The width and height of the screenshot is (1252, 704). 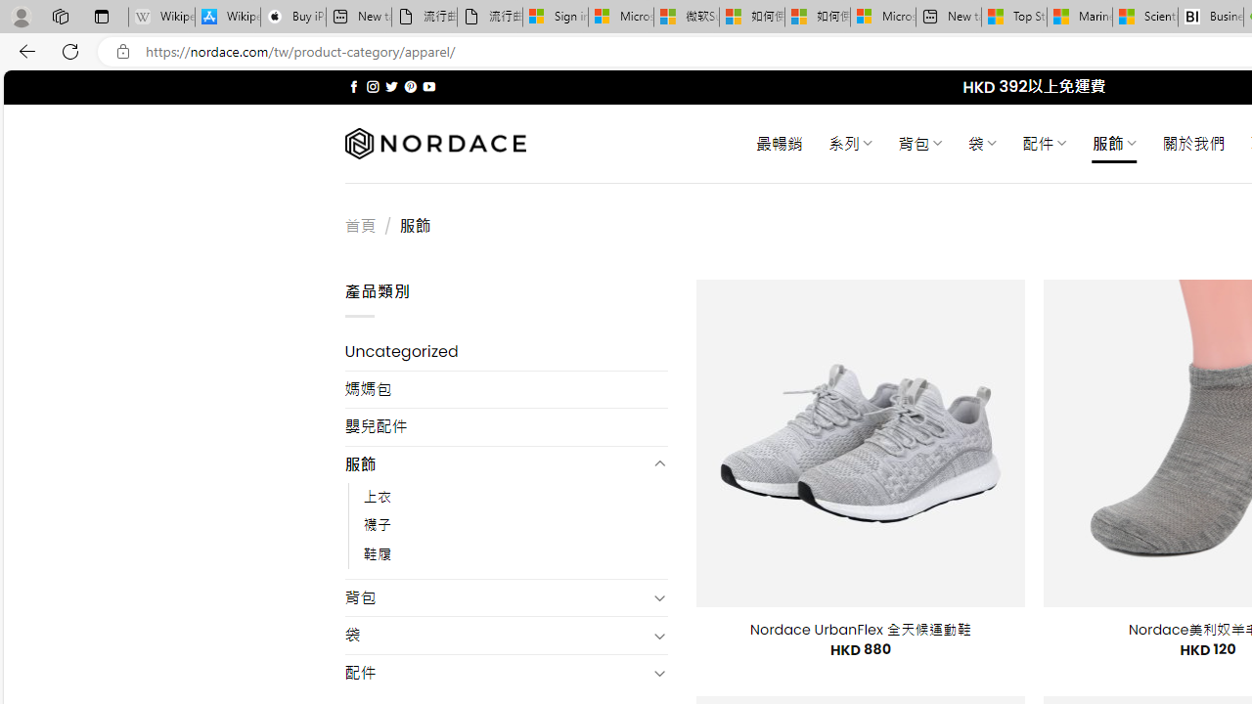 What do you see at coordinates (409, 86) in the screenshot?
I see `'Follow on Pinterest'` at bounding box center [409, 86].